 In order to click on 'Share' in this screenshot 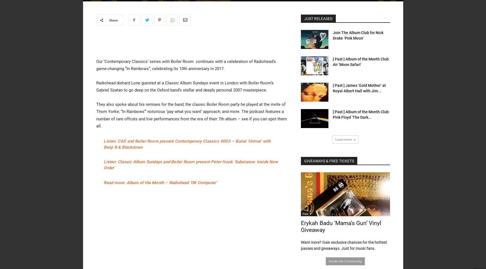, I will do `click(113, 20)`.